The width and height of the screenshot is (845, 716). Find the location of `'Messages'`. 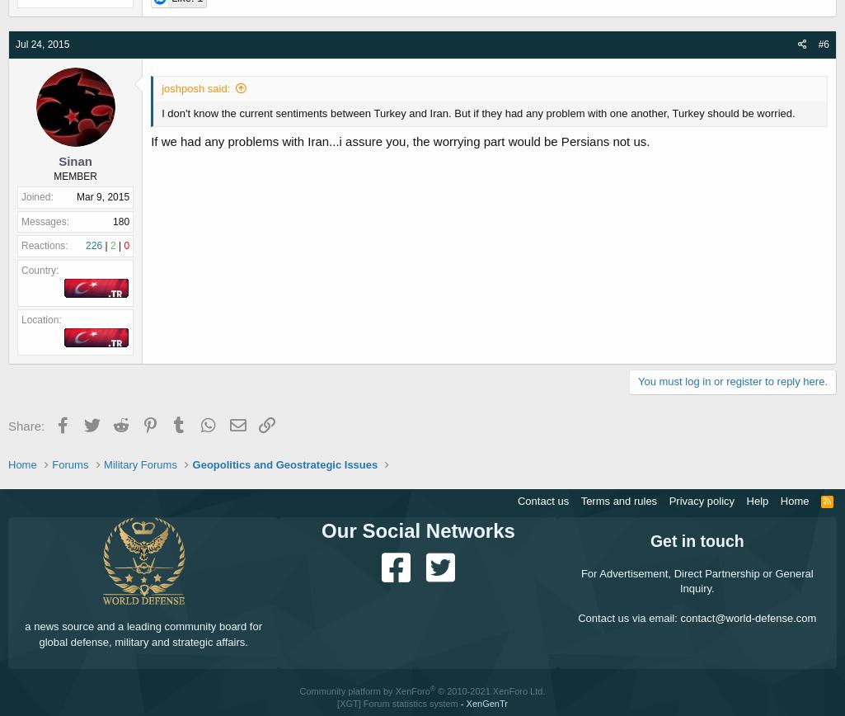

'Messages' is located at coordinates (42, 221).